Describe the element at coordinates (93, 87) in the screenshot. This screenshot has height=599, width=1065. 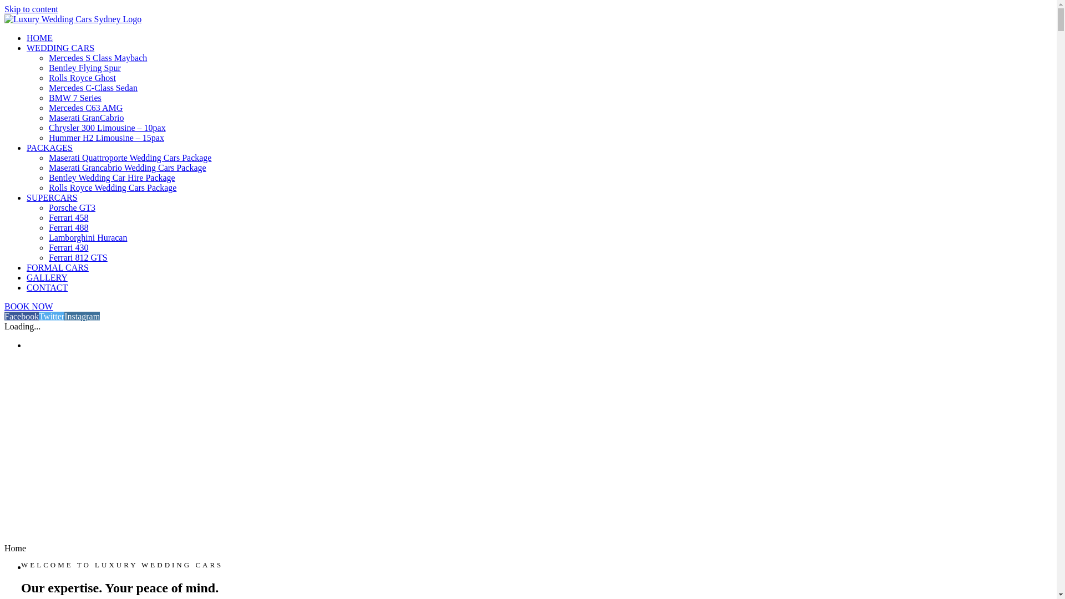
I see `'Mercedes C-Class Sedan'` at that location.